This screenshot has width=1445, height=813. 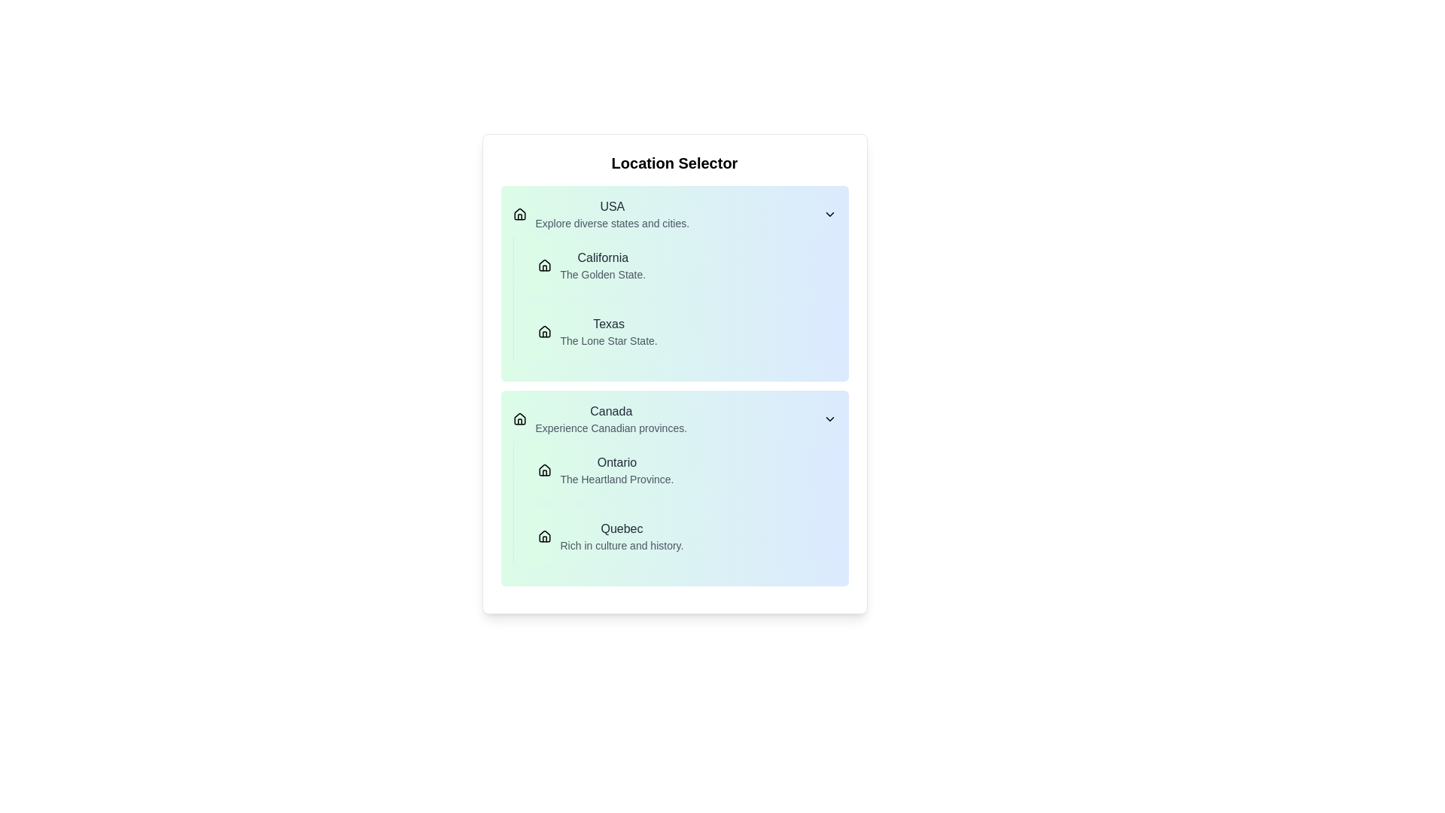 I want to click on the black house-shaped icon located in the 'Canada' section, adjacent to the text 'Ontario', so click(x=543, y=469).